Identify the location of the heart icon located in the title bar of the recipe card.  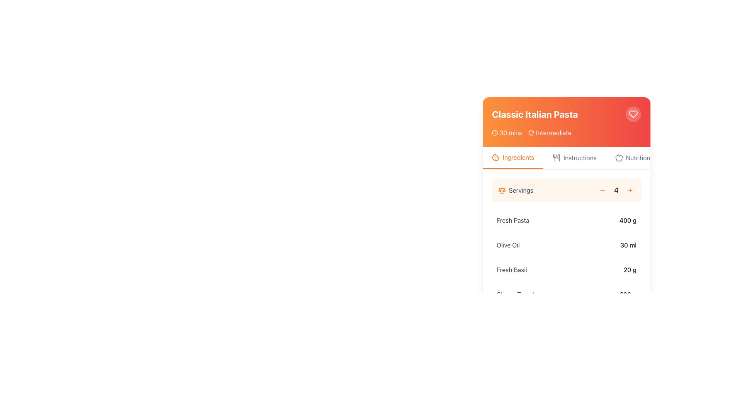
(566, 122).